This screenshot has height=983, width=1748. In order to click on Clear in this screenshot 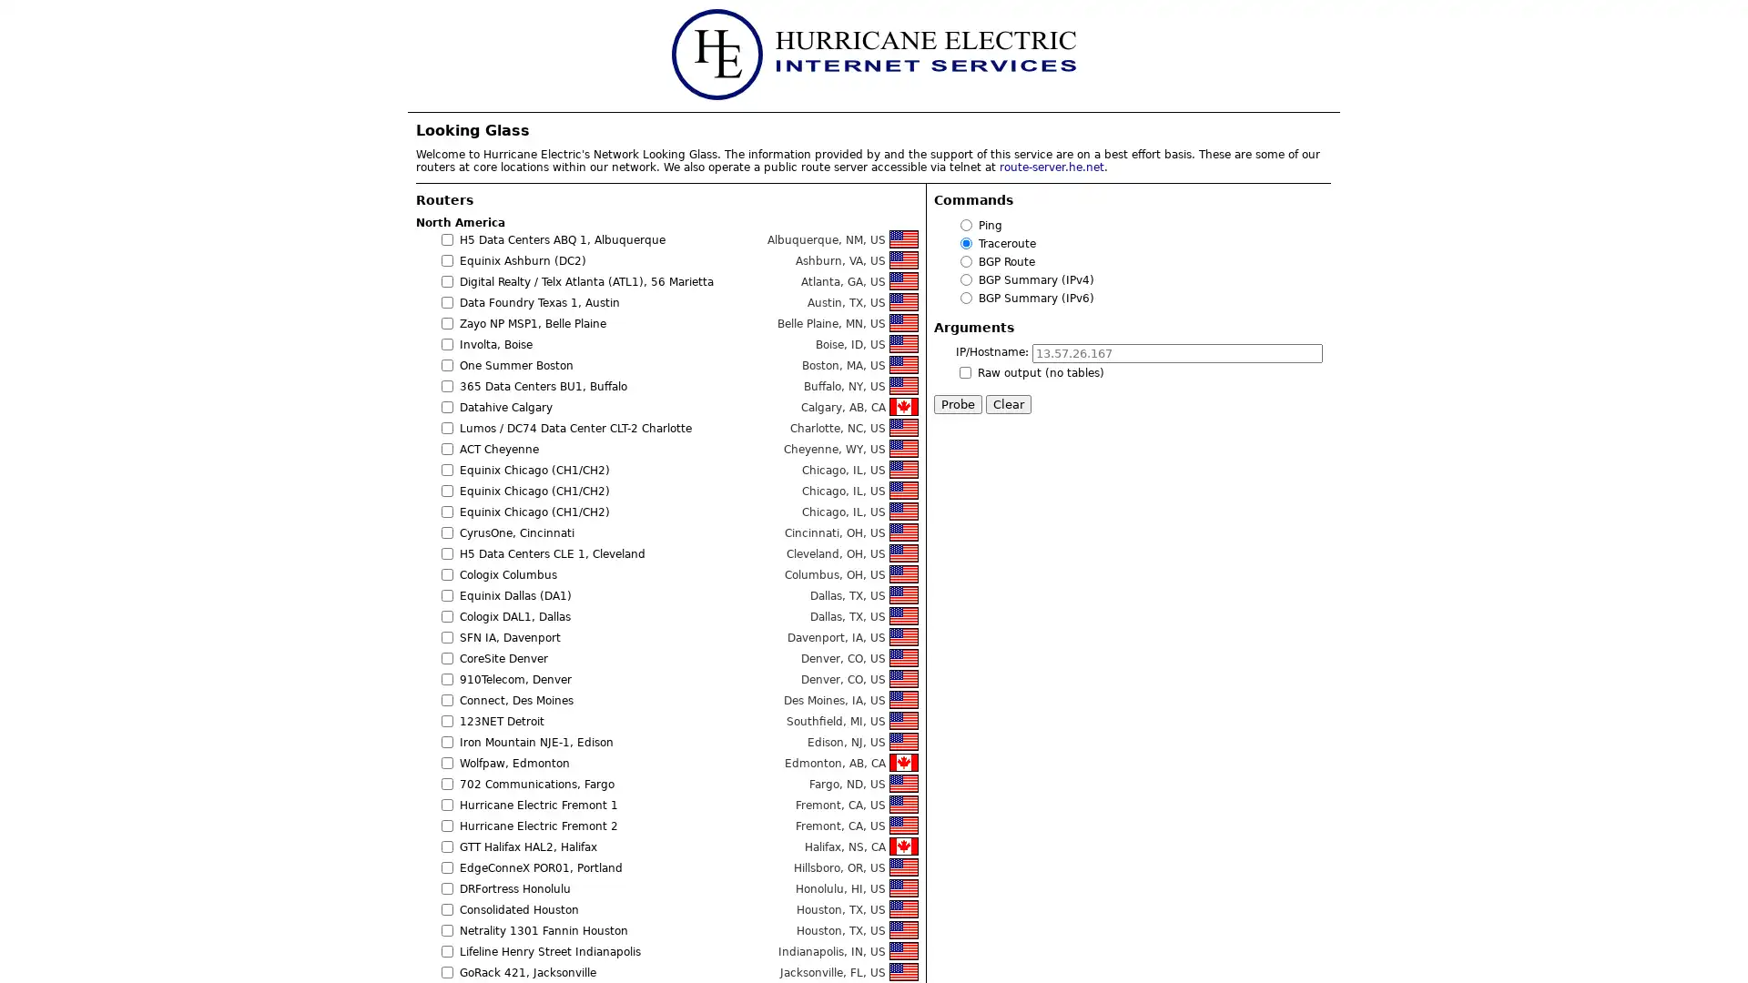, I will do `click(1008, 403)`.